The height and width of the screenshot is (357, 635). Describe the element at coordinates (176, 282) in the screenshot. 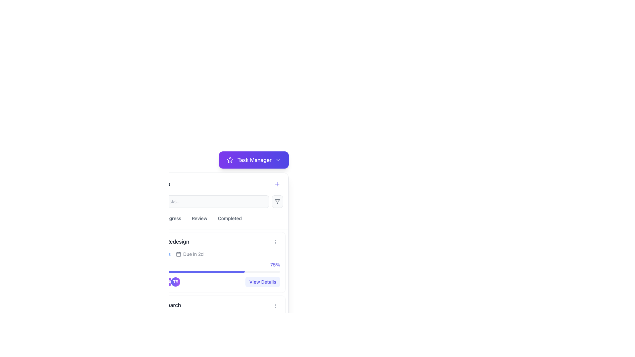

I see `the Avatar Badge, which is a small circle with a gradient color background transitioning from indigo to purple and features the white text 'T5' in the center, to see more details` at that location.